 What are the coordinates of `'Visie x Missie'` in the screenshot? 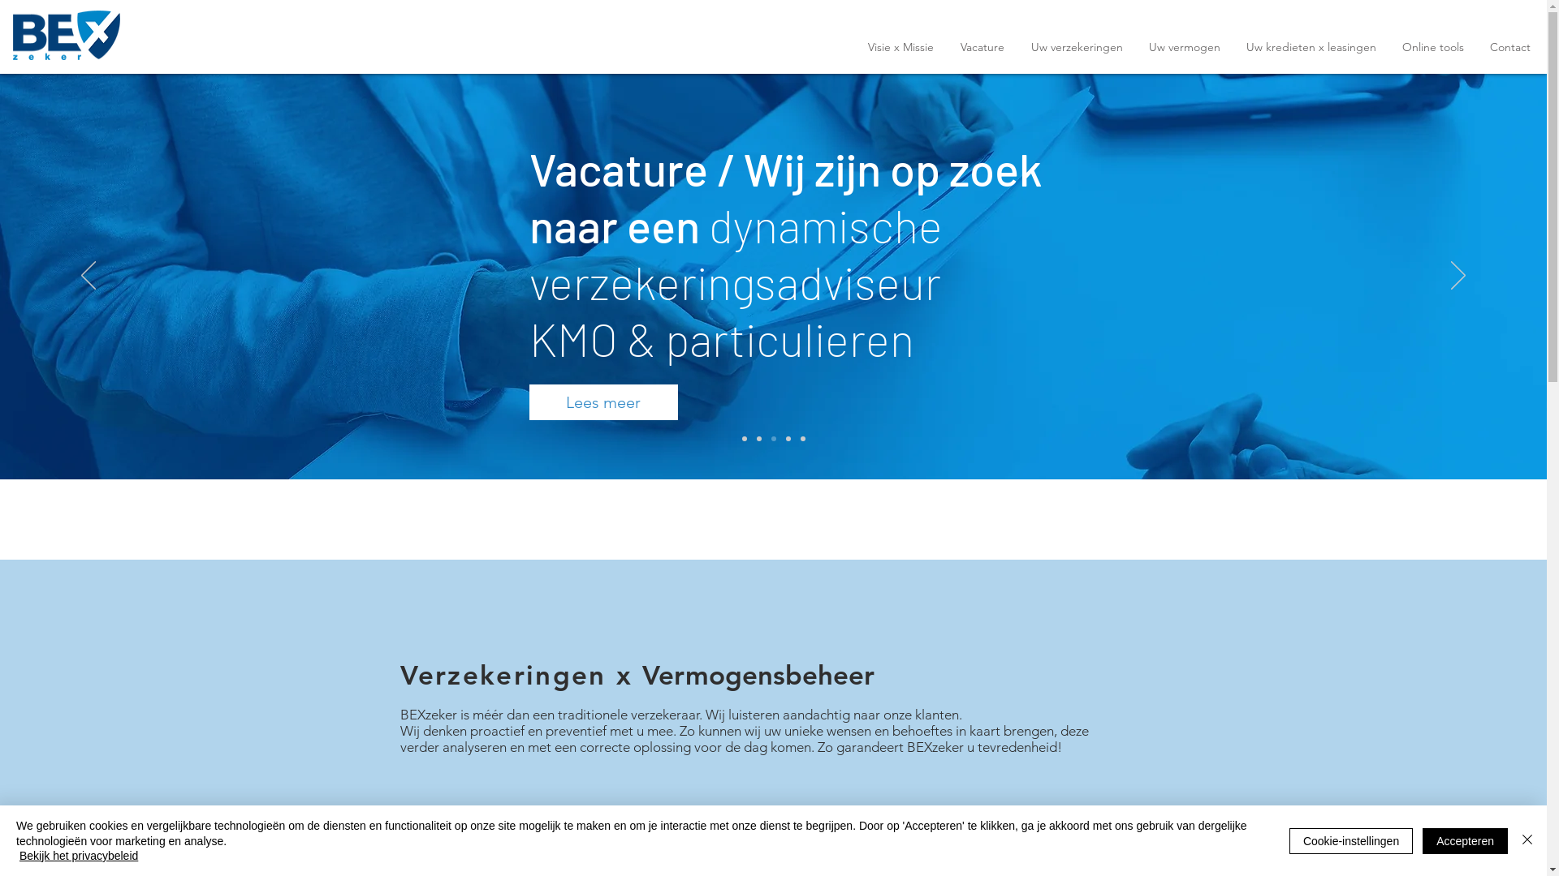 It's located at (899, 46).